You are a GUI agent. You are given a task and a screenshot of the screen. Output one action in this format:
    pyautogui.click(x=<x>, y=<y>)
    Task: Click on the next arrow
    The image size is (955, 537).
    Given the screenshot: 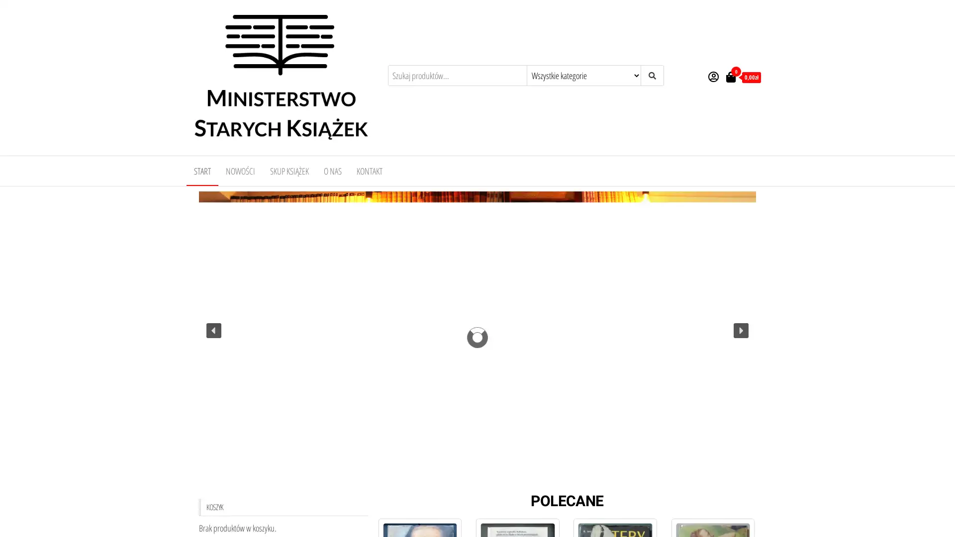 What is the action you would take?
    pyautogui.click(x=741, y=330)
    